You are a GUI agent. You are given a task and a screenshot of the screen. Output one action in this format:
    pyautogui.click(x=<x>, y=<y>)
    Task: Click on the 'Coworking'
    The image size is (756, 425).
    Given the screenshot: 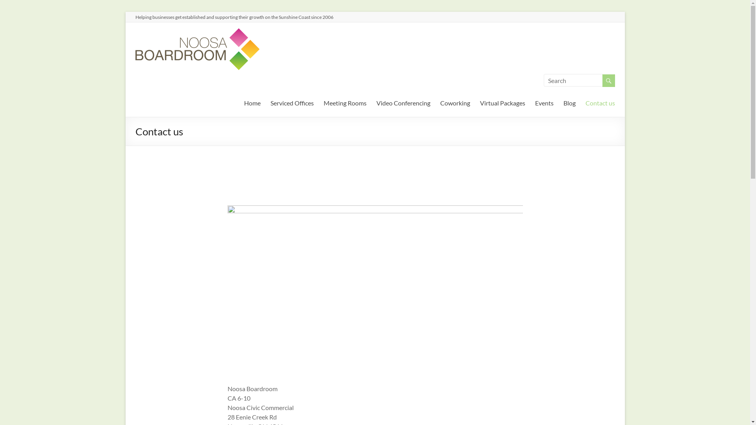 What is the action you would take?
    pyautogui.click(x=455, y=101)
    